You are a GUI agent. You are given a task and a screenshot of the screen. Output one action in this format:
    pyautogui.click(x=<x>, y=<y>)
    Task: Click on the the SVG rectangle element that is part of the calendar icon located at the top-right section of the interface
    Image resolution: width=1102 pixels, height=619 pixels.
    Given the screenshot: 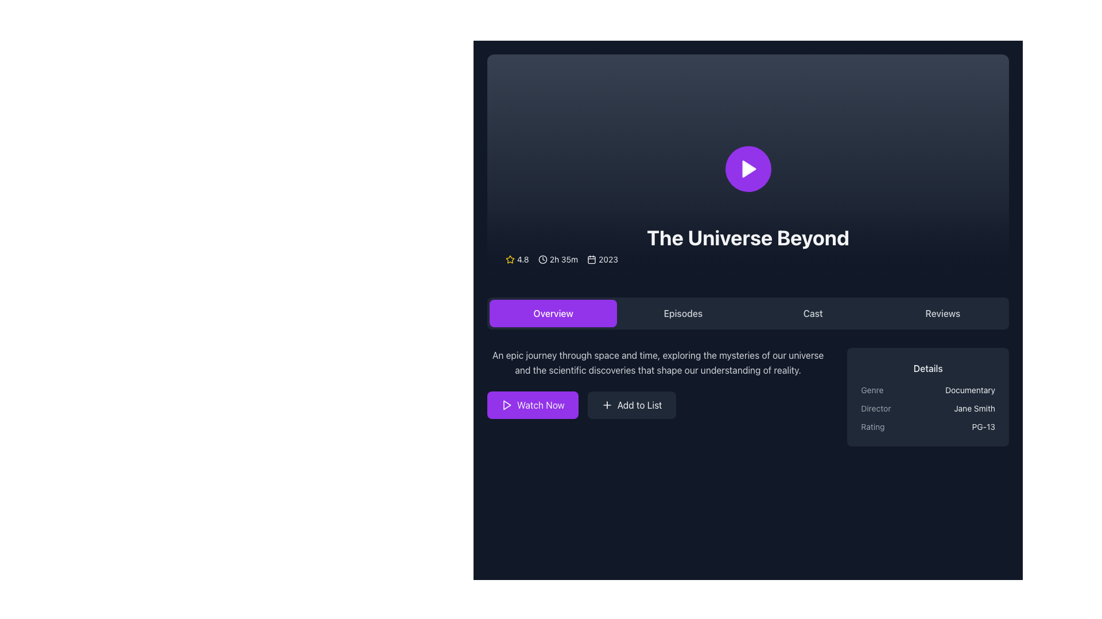 What is the action you would take?
    pyautogui.click(x=592, y=260)
    